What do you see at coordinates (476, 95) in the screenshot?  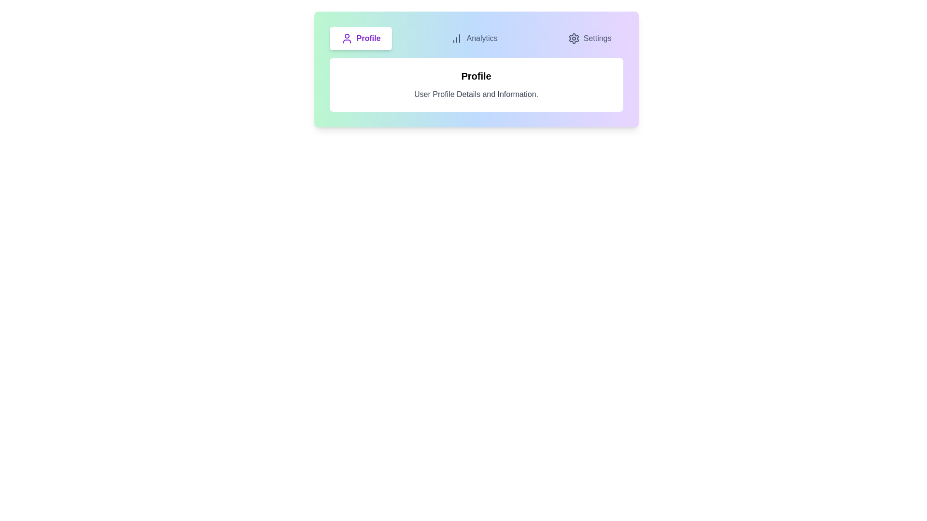 I see `the text 'User Profile Details and Information.' in the content area to select it` at bounding box center [476, 95].